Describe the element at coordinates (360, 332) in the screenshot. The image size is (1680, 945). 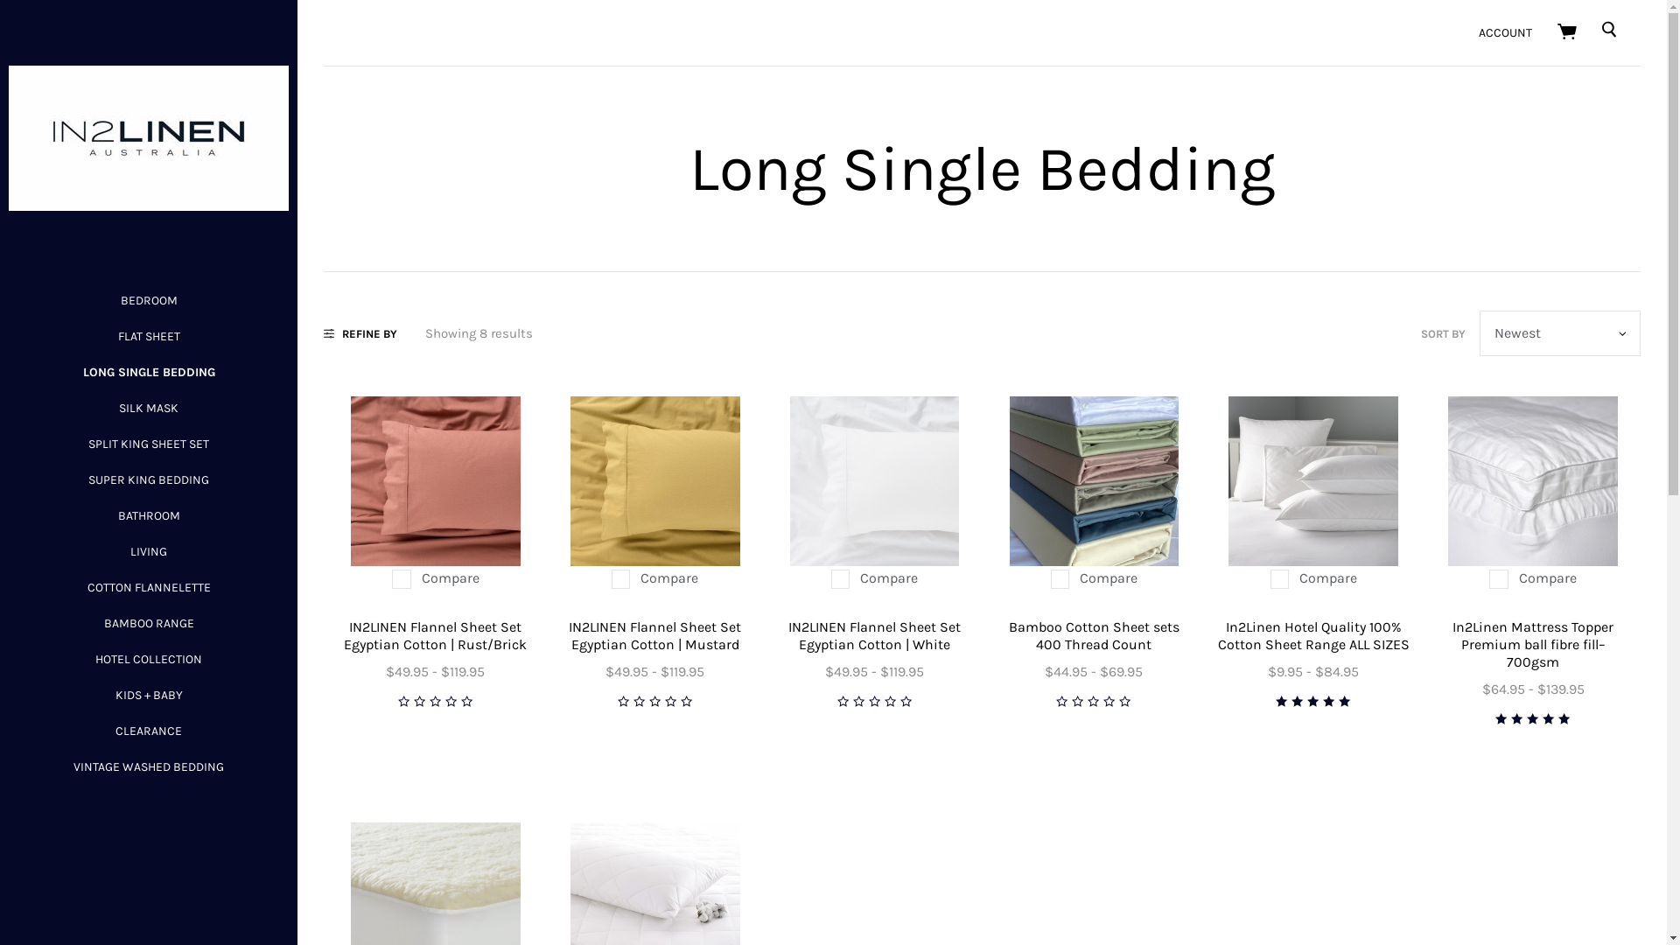
I see `'FILTER REFINE BY'` at that location.